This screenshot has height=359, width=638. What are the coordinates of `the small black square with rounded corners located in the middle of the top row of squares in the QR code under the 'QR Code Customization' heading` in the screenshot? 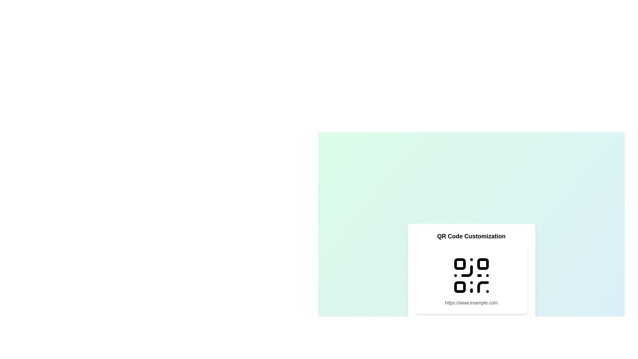 It's located at (483, 263).